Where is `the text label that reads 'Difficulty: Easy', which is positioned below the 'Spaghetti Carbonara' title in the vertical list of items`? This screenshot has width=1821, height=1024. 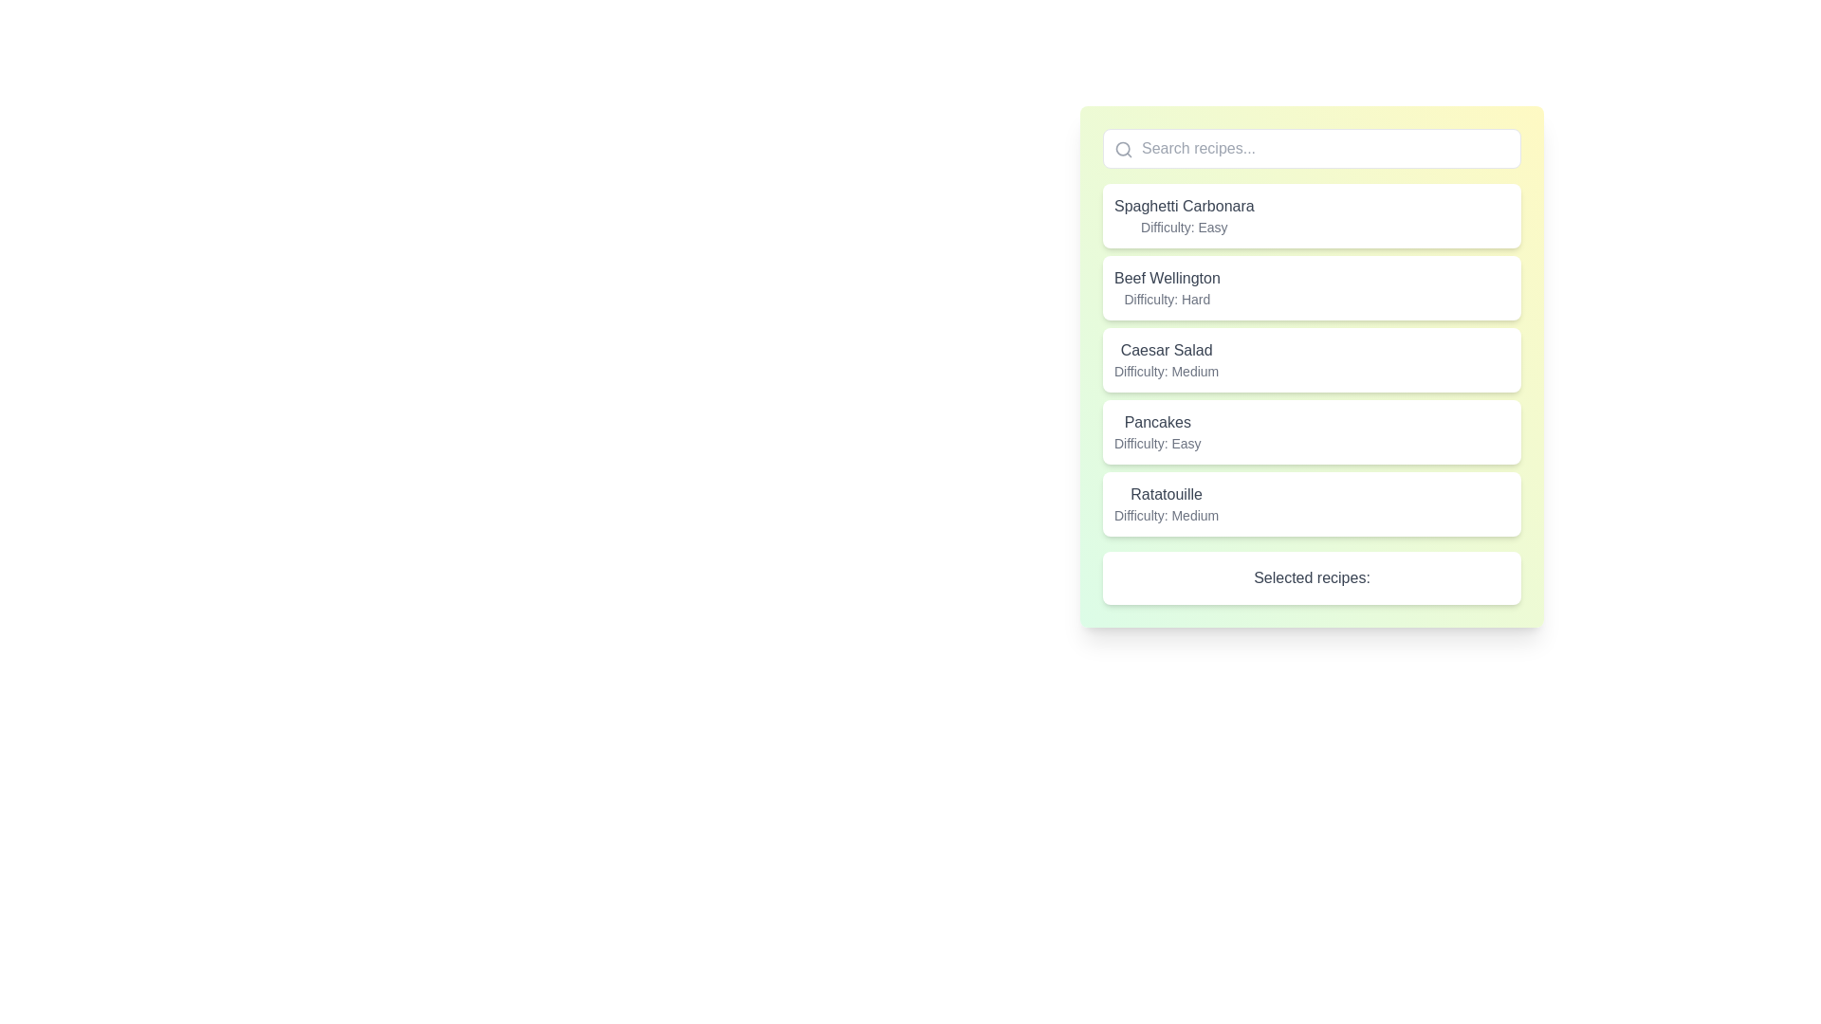 the text label that reads 'Difficulty: Easy', which is positioned below the 'Spaghetti Carbonara' title in the vertical list of items is located at coordinates (1183, 226).